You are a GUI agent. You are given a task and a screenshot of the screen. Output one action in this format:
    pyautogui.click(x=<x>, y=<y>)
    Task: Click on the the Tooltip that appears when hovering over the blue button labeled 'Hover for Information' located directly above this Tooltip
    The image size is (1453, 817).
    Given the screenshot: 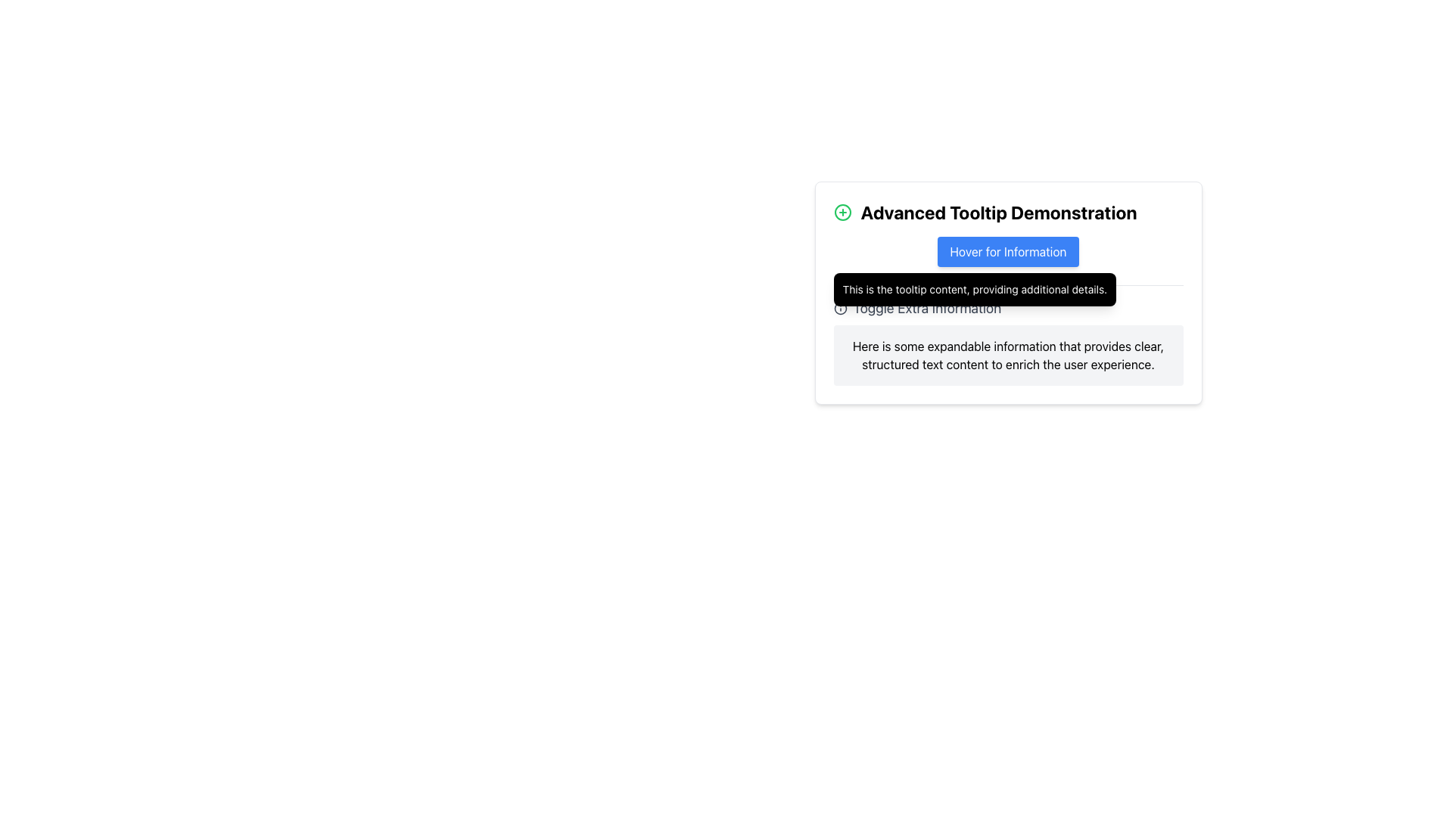 What is the action you would take?
    pyautogui.click(x=975, y=289)
    